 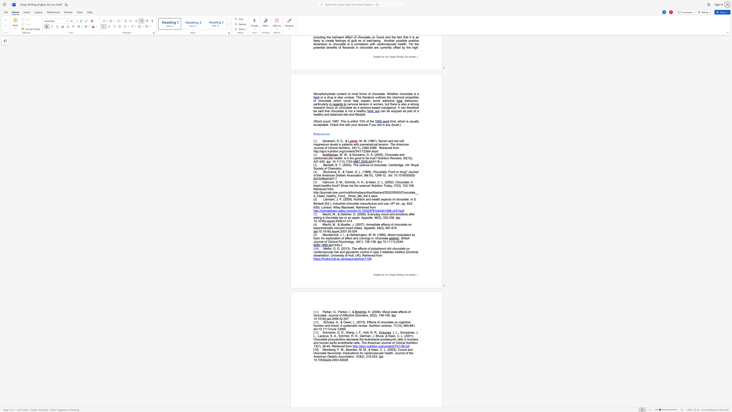 I want to click on the subset text "te effects of choco" within the text ", H. (2006). Mood state effects of chocolate.", so click(x=394, y=312).